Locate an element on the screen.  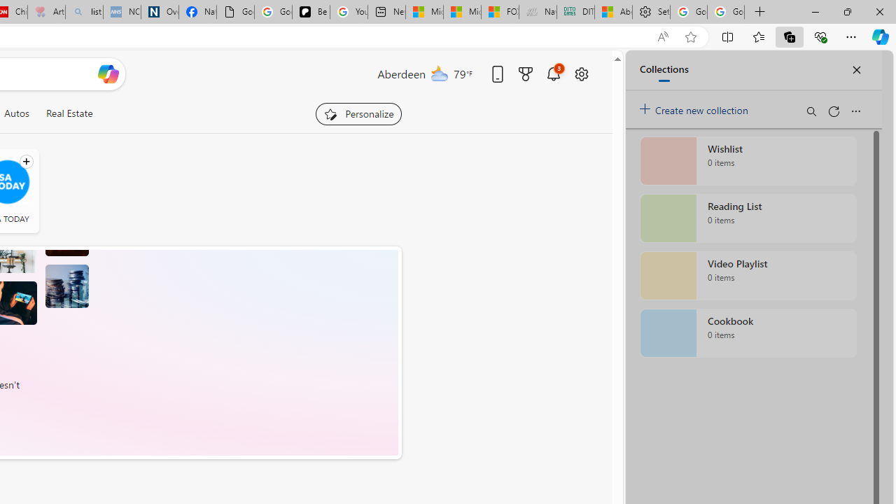
'FOX News - MSN' is located at coordinates (500, 12).